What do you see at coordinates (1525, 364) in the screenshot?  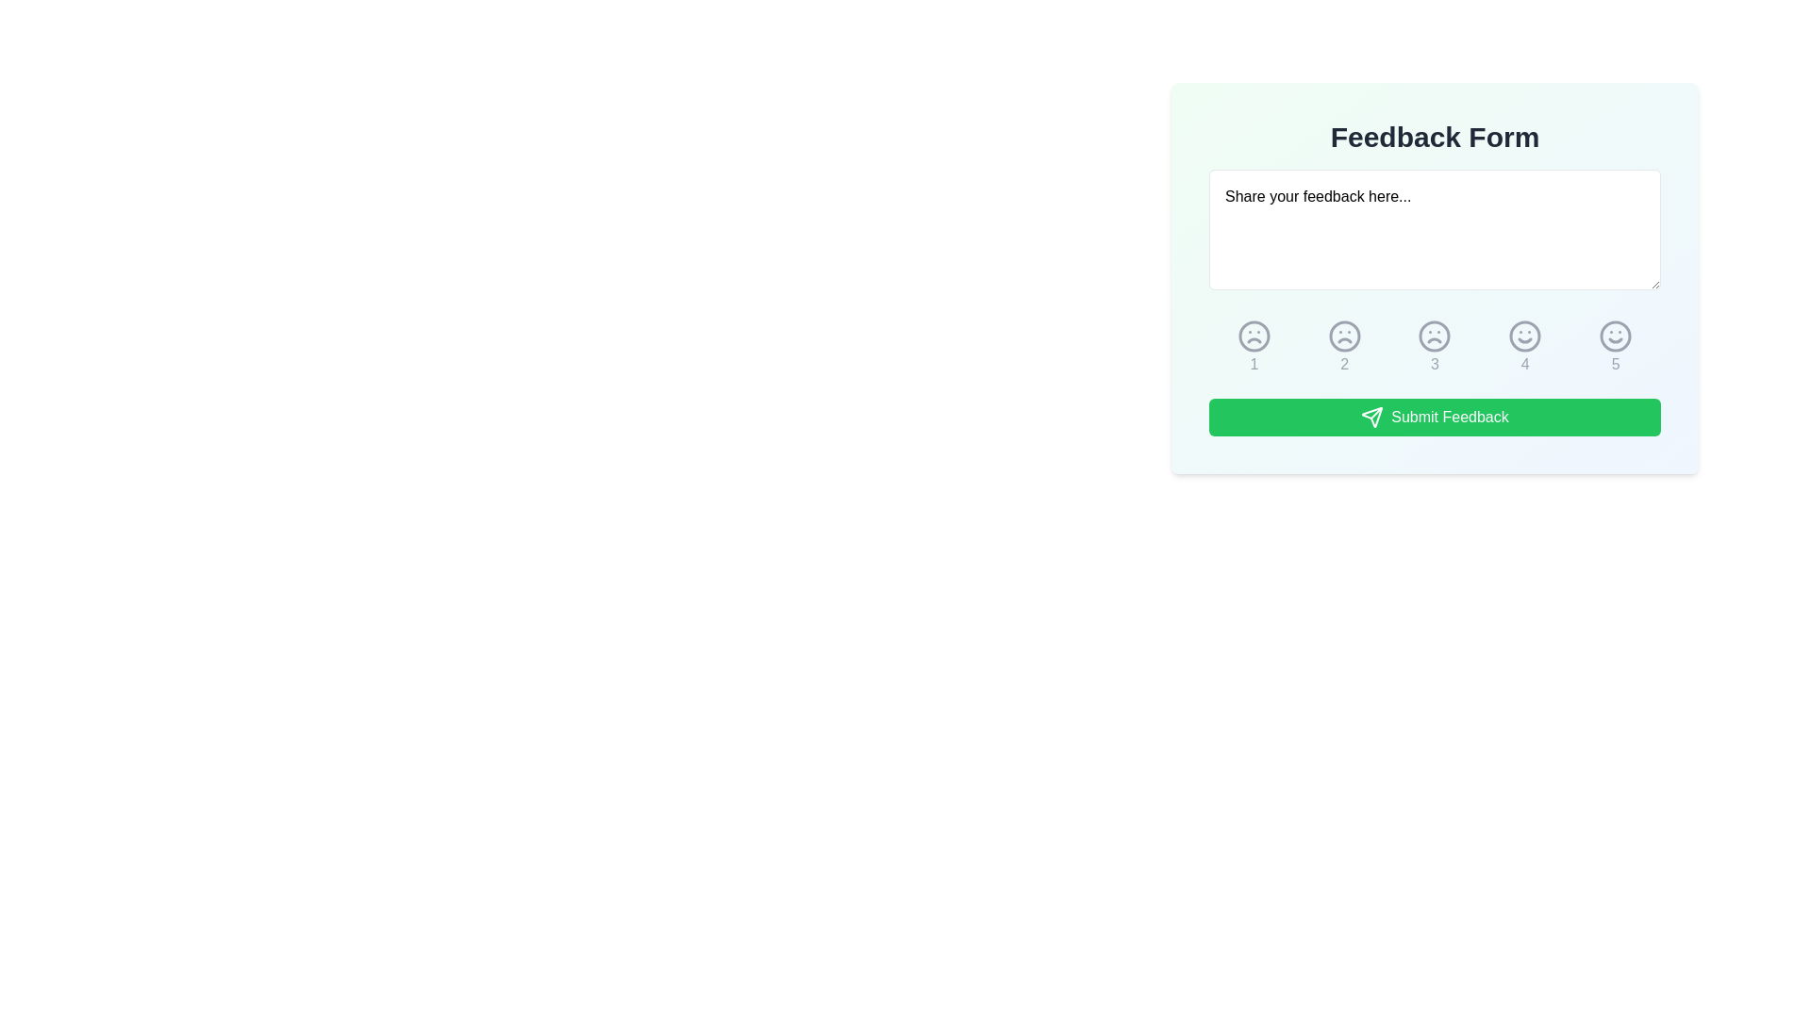 I see `the numeral '4' in the rating section of the feedback form, which is positioned between the numerals '3' and '5'` at bounding box center [1525, 364].